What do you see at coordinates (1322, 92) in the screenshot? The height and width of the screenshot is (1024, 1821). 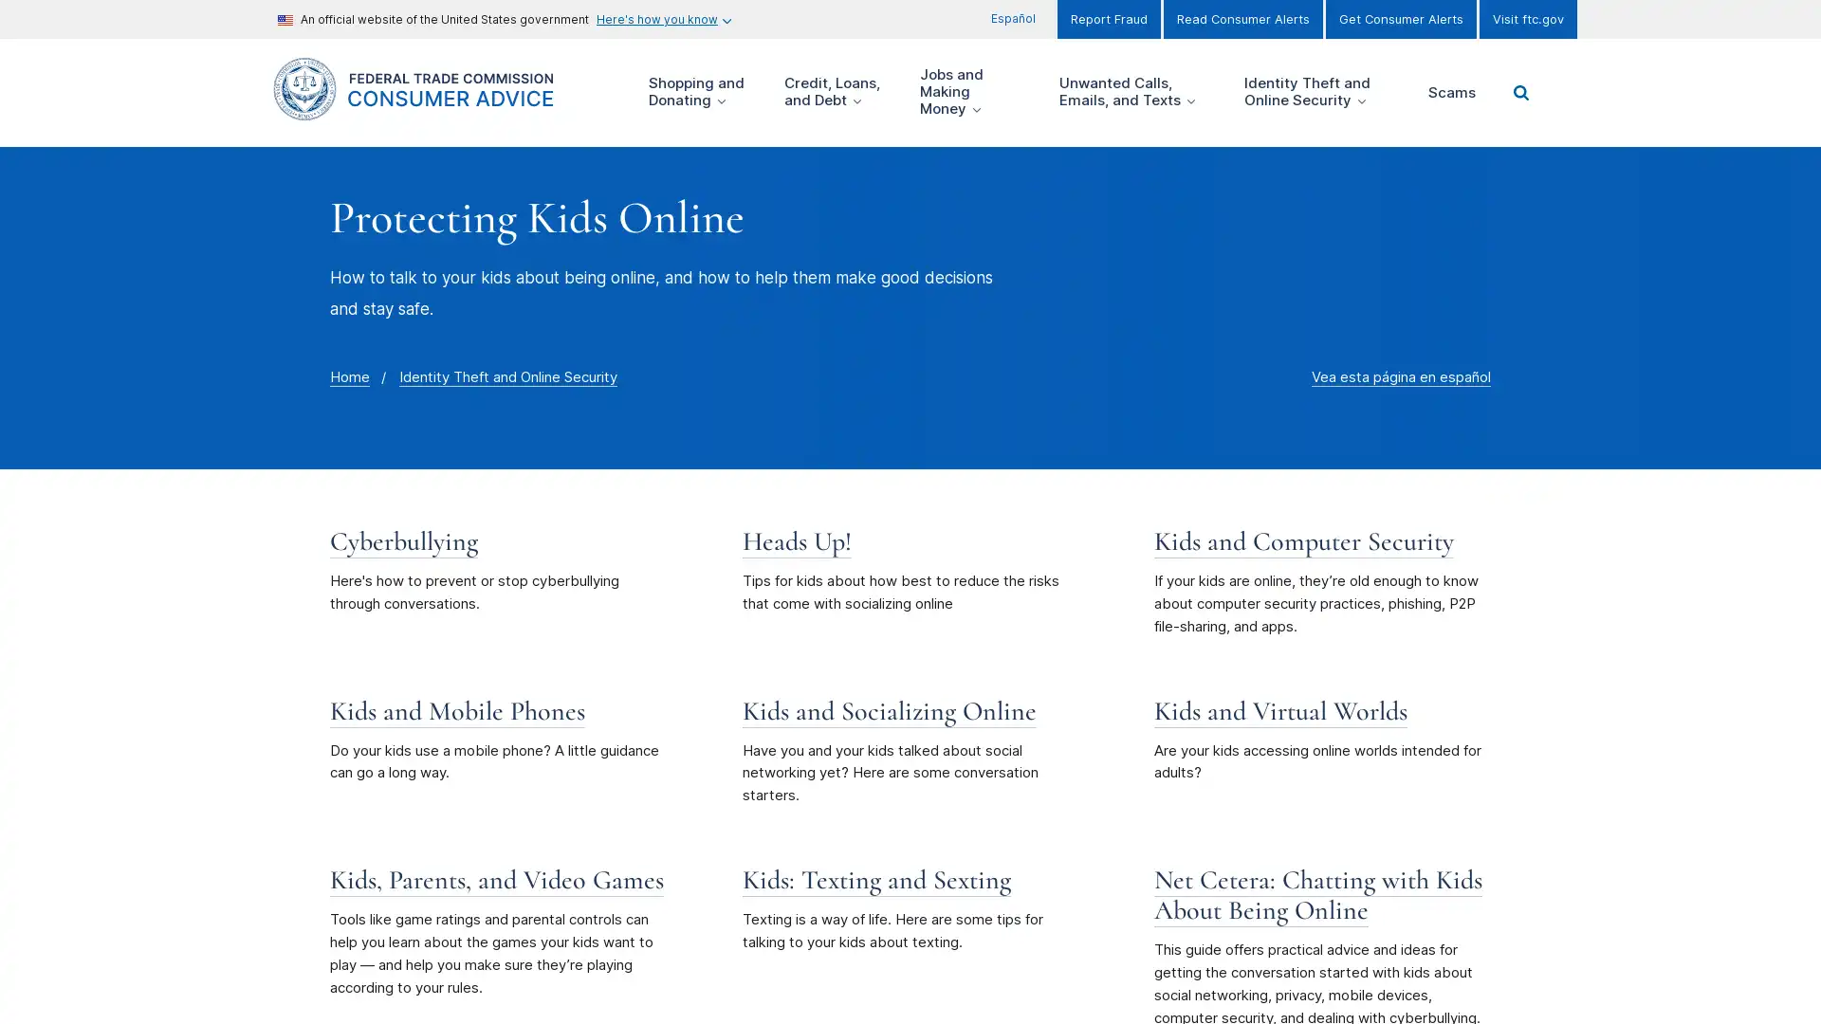 I see `Show/hide Identity Theft and Online Security menu items` at bounding box center [1322, 92].